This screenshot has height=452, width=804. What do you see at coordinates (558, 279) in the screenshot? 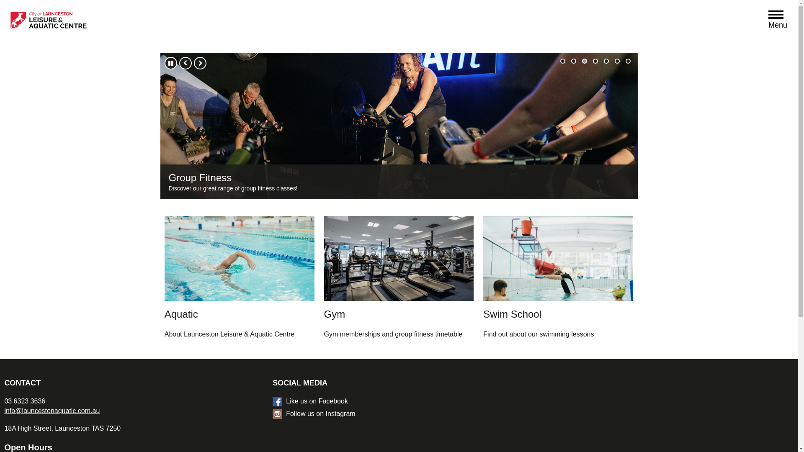
I see `'Swim School` at bounding box center [558, 279].